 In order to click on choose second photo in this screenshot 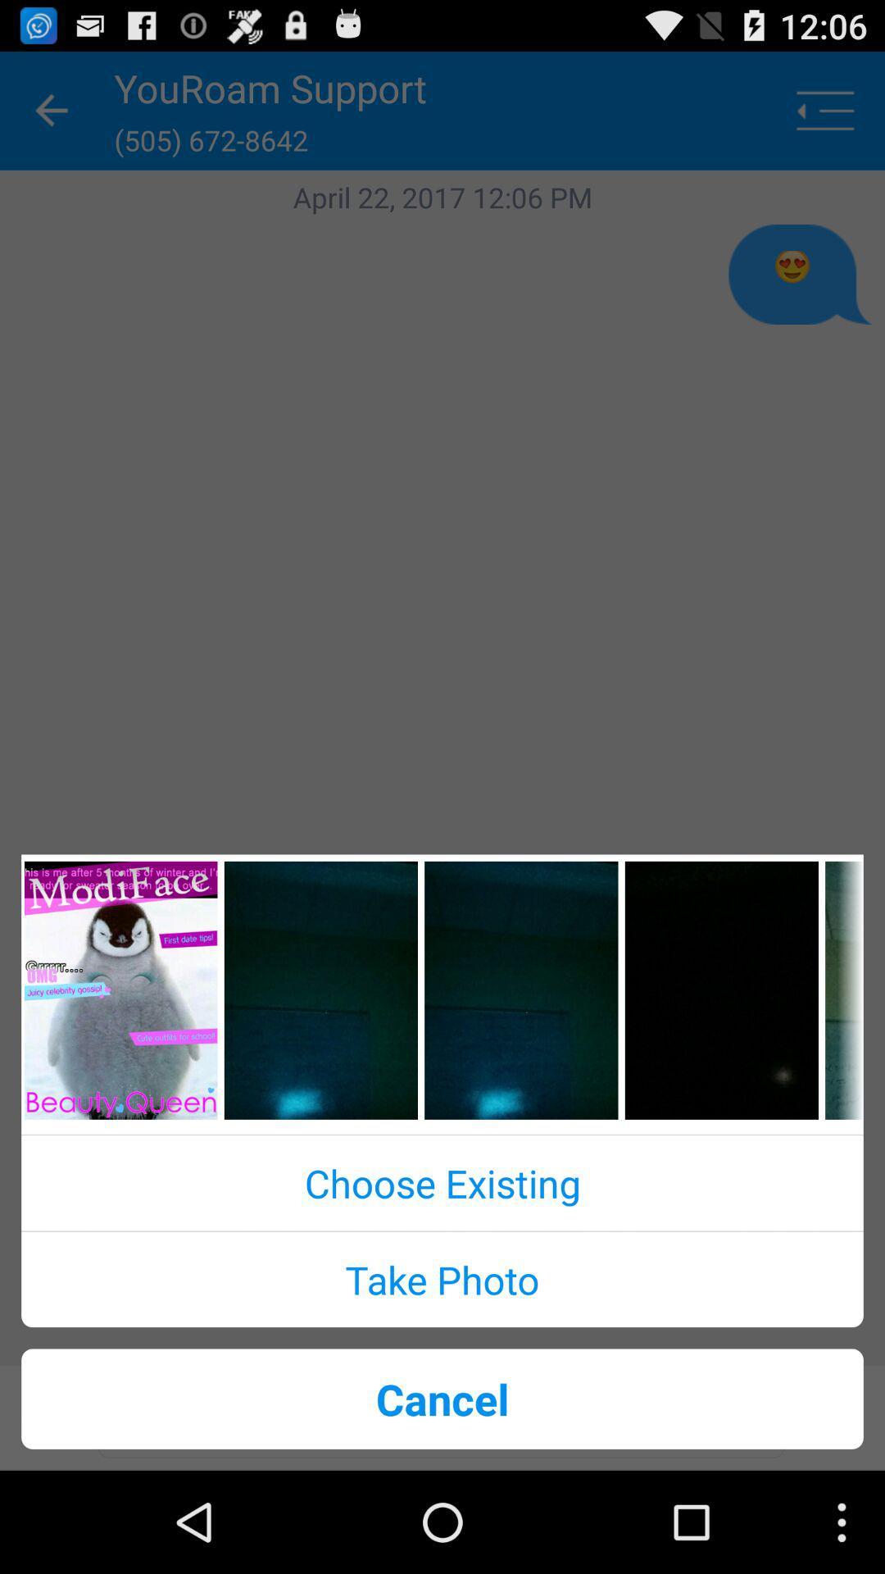, I will do `click(320, 989)`.